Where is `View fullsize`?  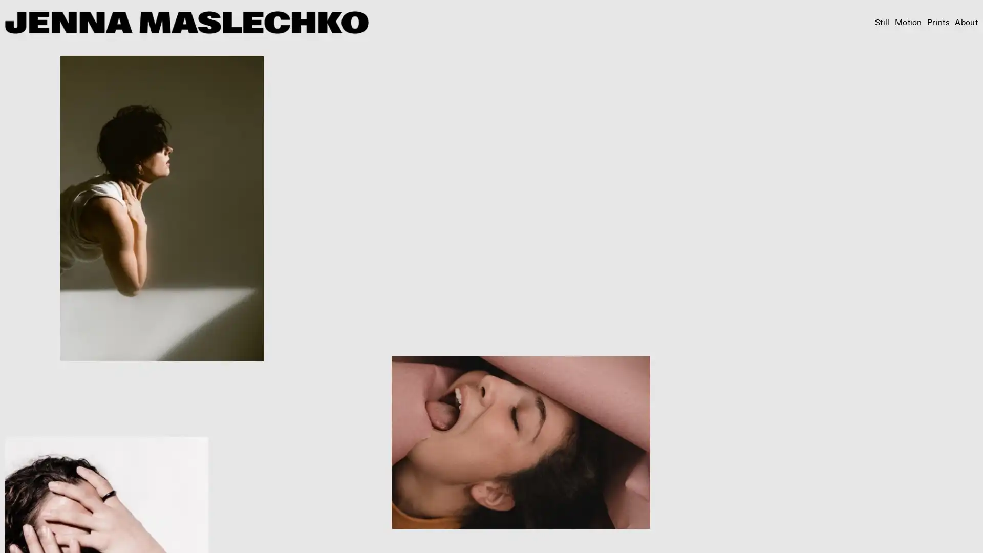
View fullsize is located at coordinates (161, 207).